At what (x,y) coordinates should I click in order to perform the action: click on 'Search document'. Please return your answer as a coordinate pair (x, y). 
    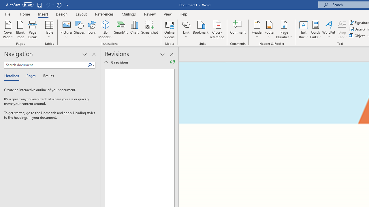
    Looking at the image, I should click on (45, 65).